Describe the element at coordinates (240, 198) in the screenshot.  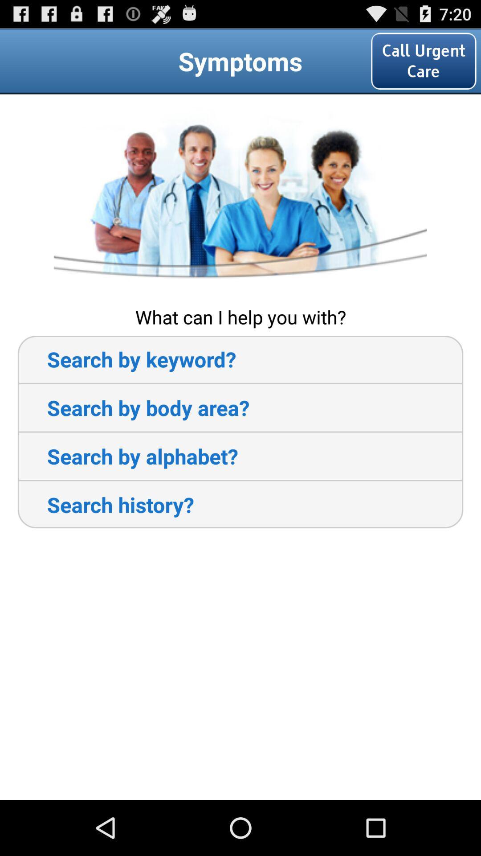
I see `icon above the what can i app` at that location.